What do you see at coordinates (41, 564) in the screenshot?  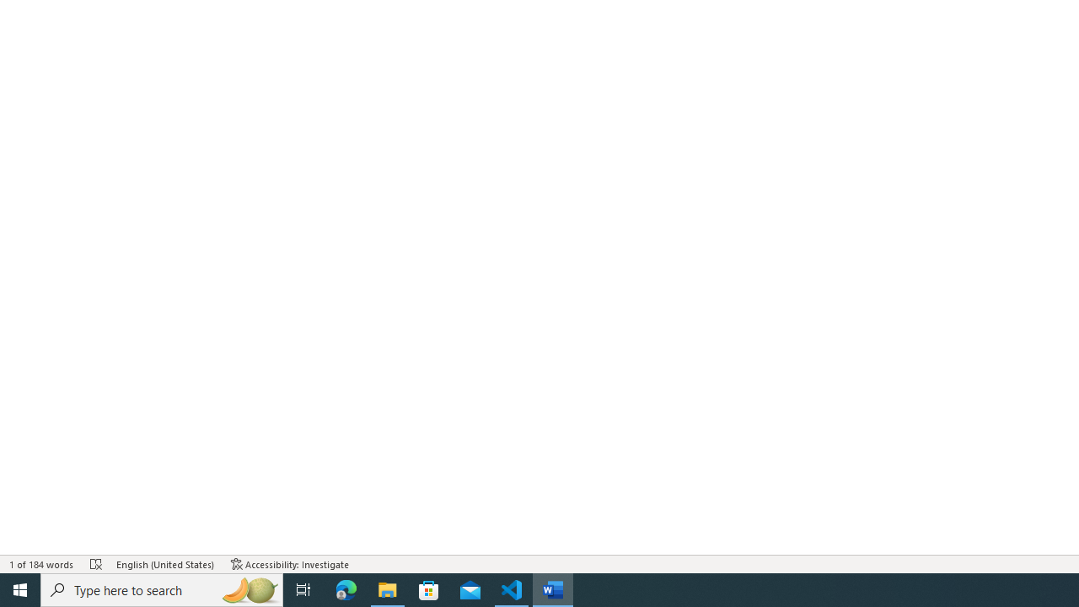 I see `'Word Count 1 of 184 words'` at bounding box center [41, 564].